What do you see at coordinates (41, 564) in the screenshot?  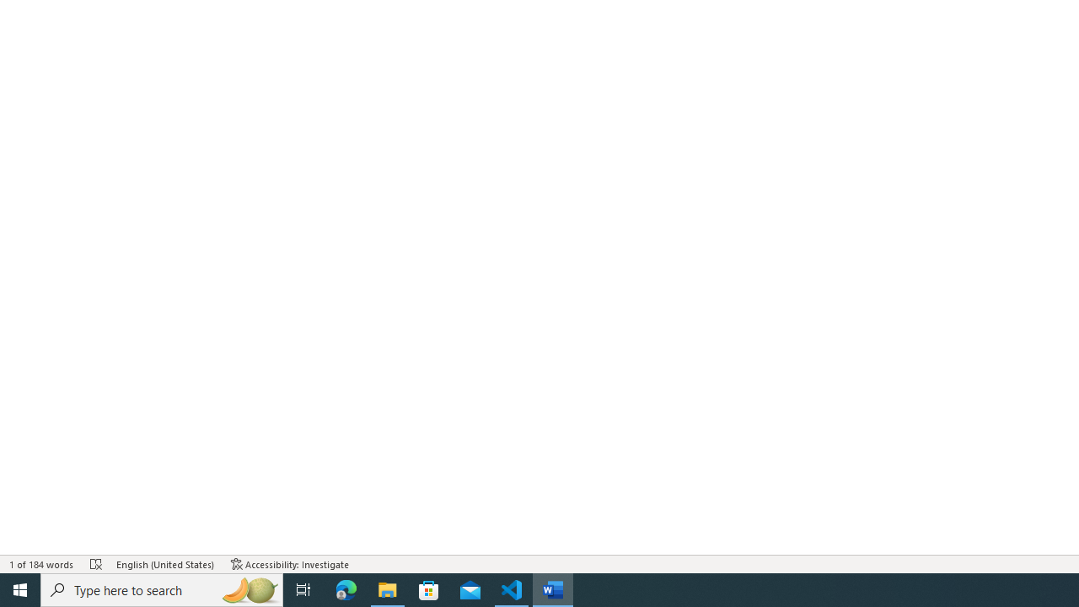 I see `'Word Count 1 of 184 words'` at bounding box center [41, 564].